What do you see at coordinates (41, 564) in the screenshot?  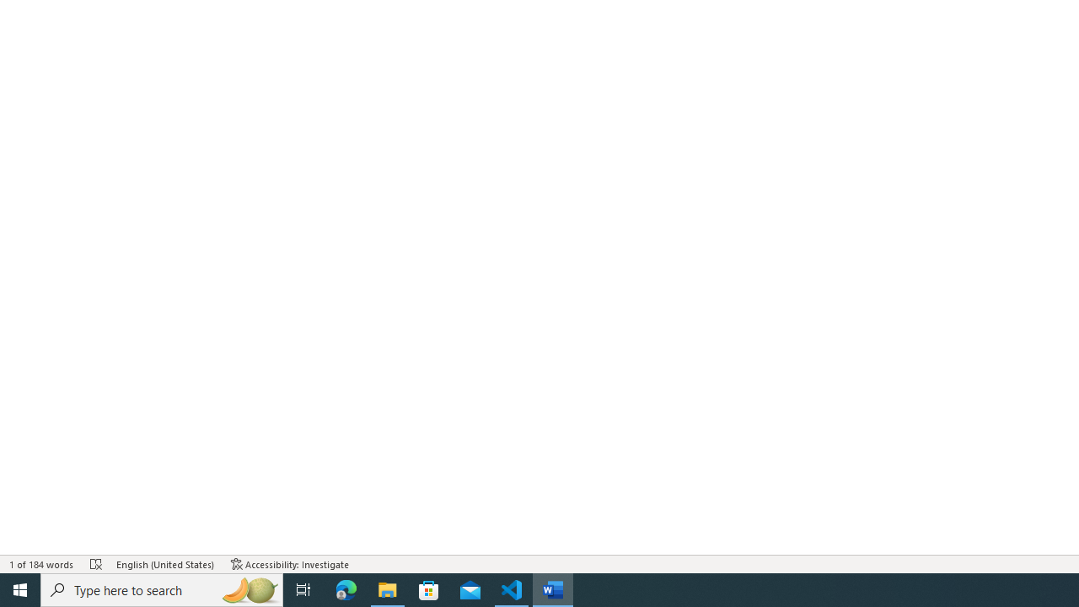 I see `'Word Count 1 of 184 words'` at bounding box center [41, 564].